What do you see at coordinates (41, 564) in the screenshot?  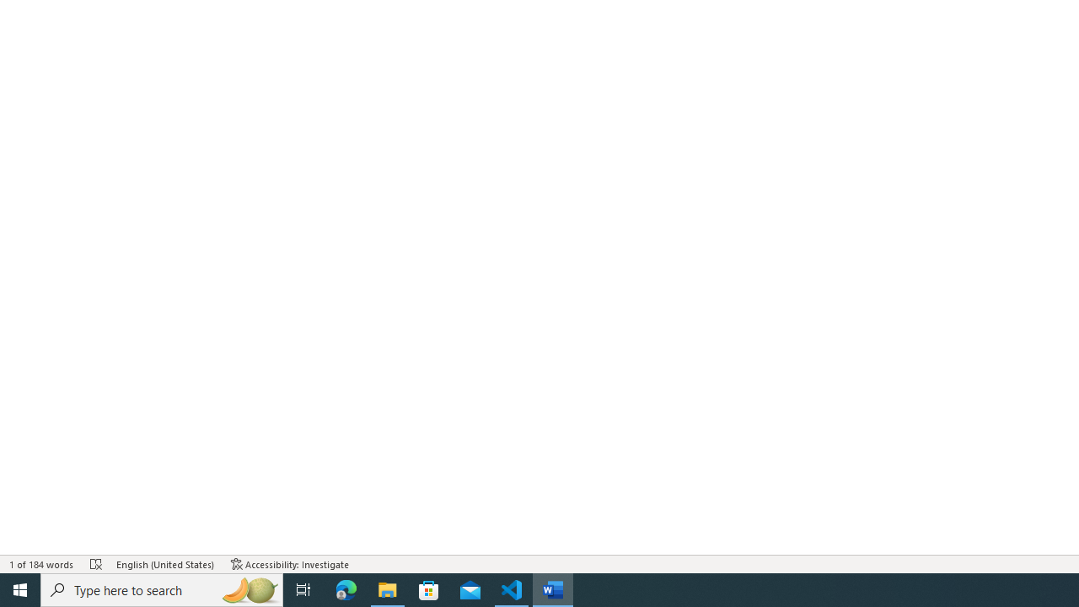 I see `'Word Count 1 of 184 words'` at bounding box center [41, 564].